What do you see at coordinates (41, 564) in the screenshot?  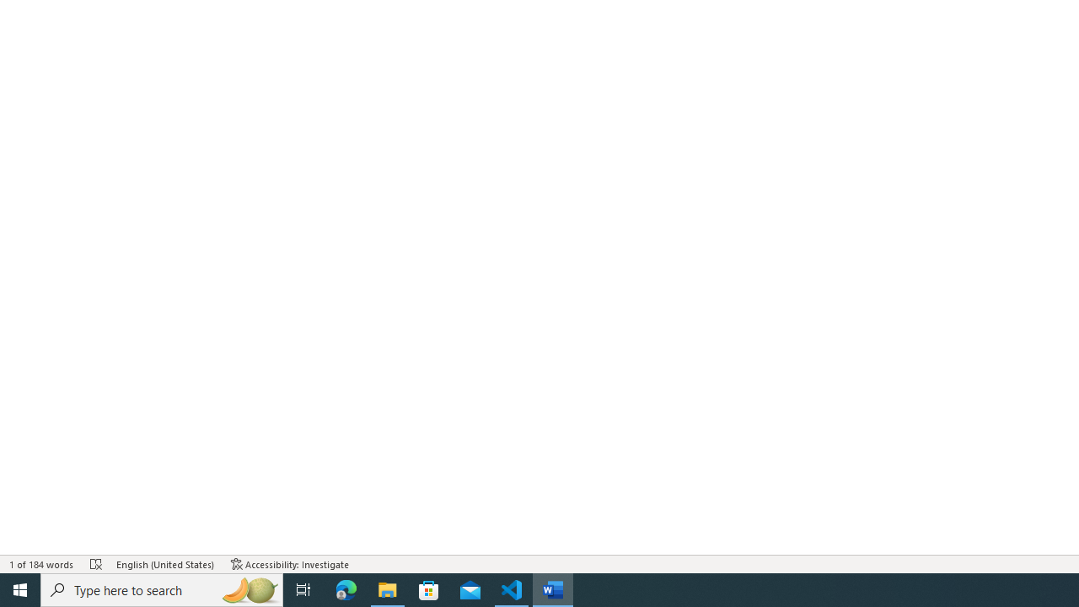 I see `'Word Count 1 of 184 words'` at bounding box center [41, 564].